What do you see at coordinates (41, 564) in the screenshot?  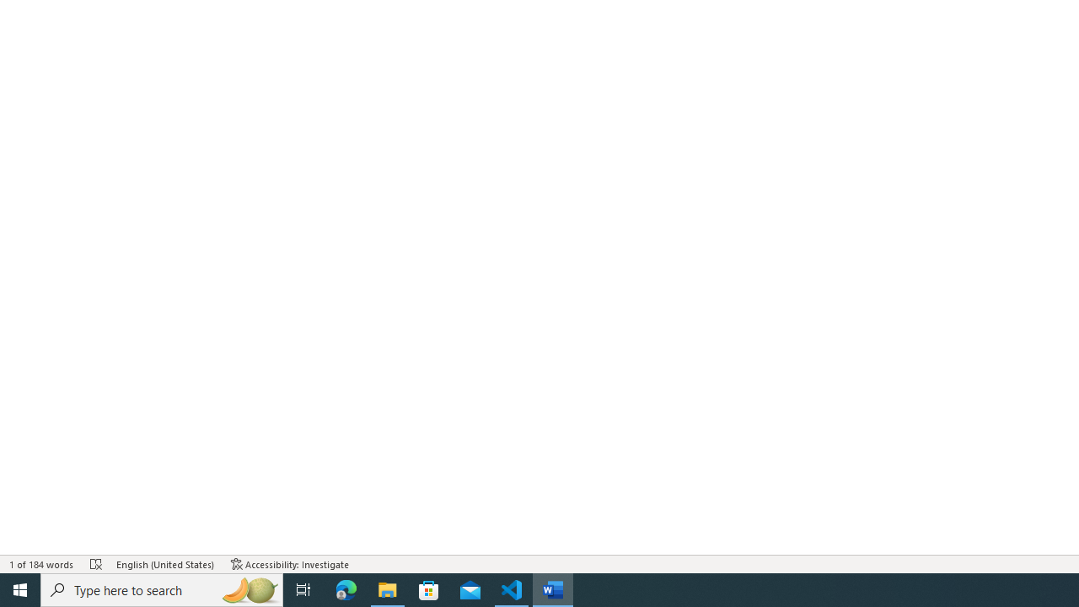 I see `'Word Count 1 of 184 words'` at bounding box center [41, 564].